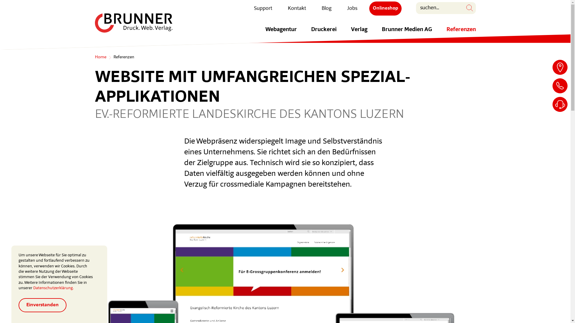  I want to click on 'TEL. 041 318 34 34', so click(560, 86).